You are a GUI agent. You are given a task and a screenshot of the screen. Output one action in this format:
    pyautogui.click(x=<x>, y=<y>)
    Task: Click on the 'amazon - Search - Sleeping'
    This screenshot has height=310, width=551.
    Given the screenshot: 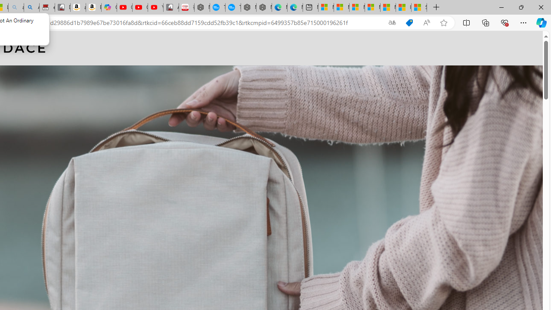 What is the action you would take?
    pyautogui.click(x=16, y=7)
    